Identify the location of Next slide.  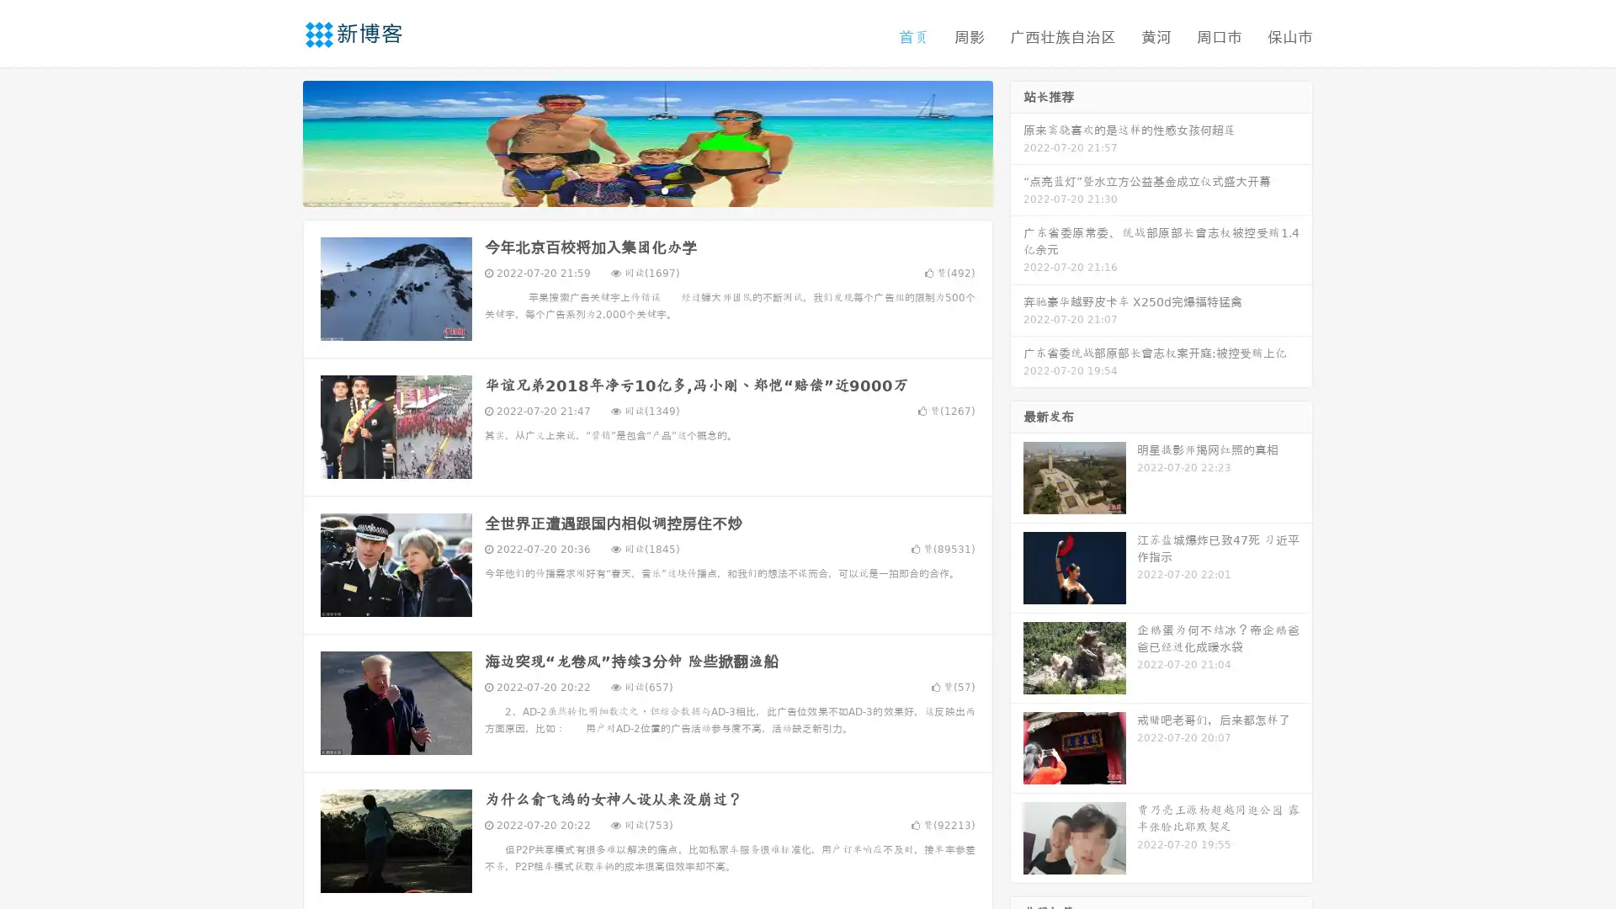
(1017, 141).